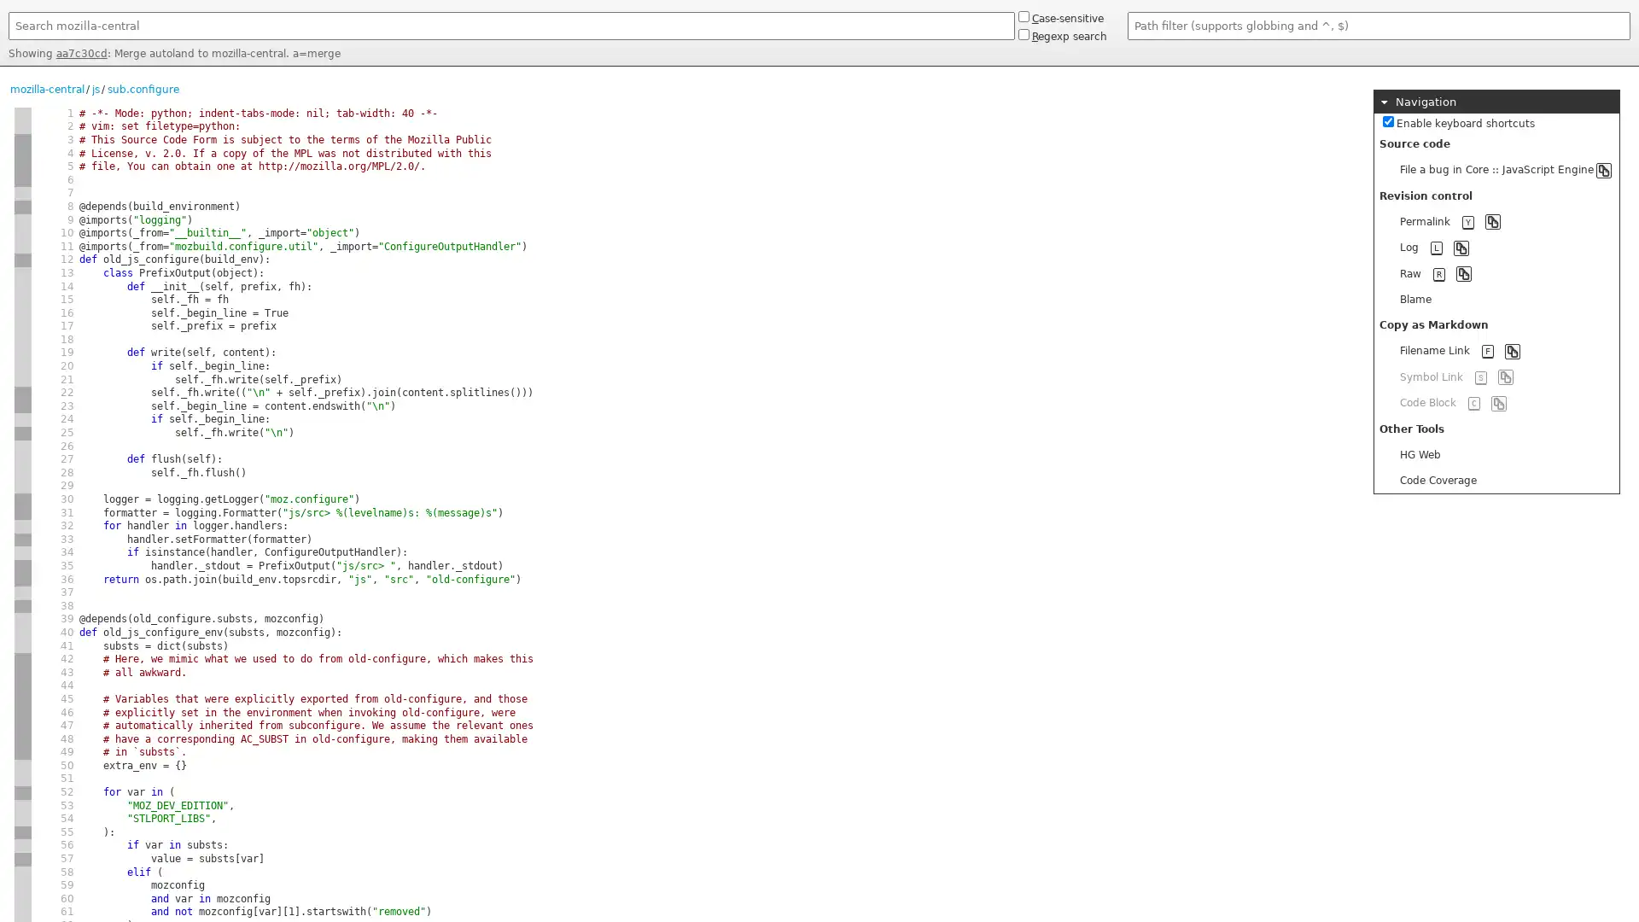 Image resolution: width=1639 pixels, height=922 pixels. What do you see at coordinates (23, 832) in the screenshot?
I see `new hash 8` at bounding box center [23, 832].